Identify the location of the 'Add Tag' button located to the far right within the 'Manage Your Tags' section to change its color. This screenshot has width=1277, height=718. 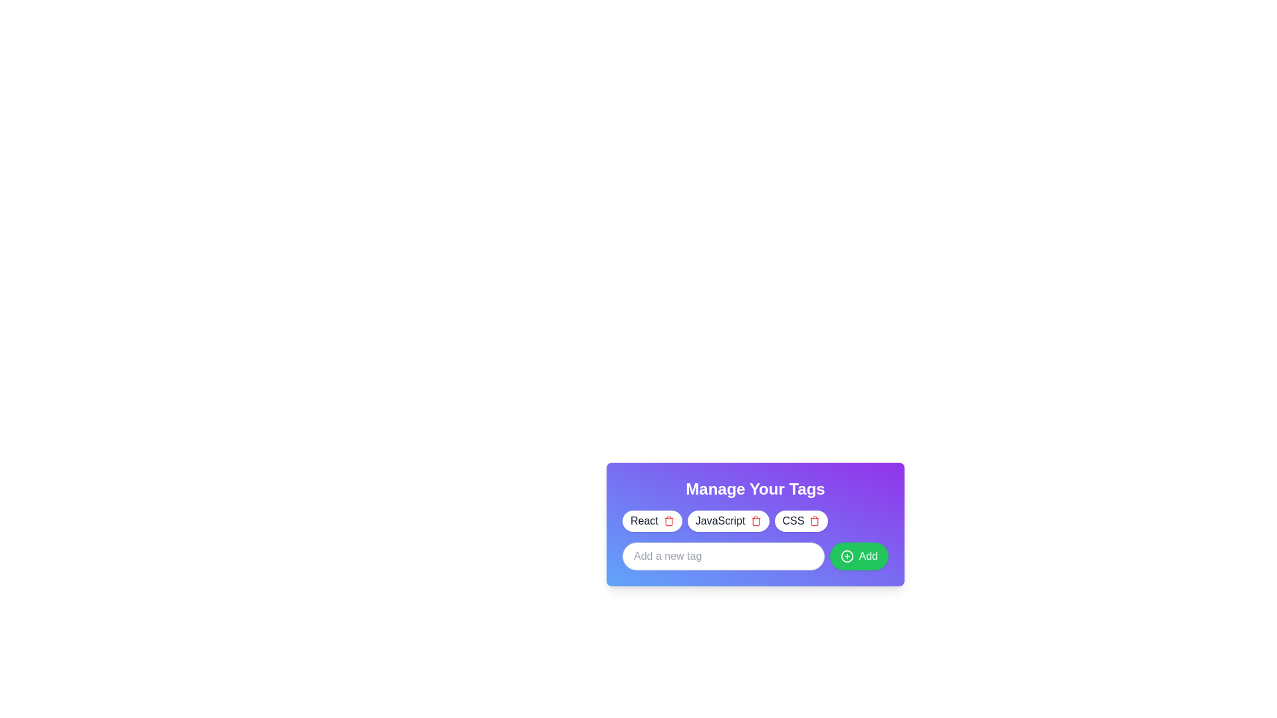
(859, 556).